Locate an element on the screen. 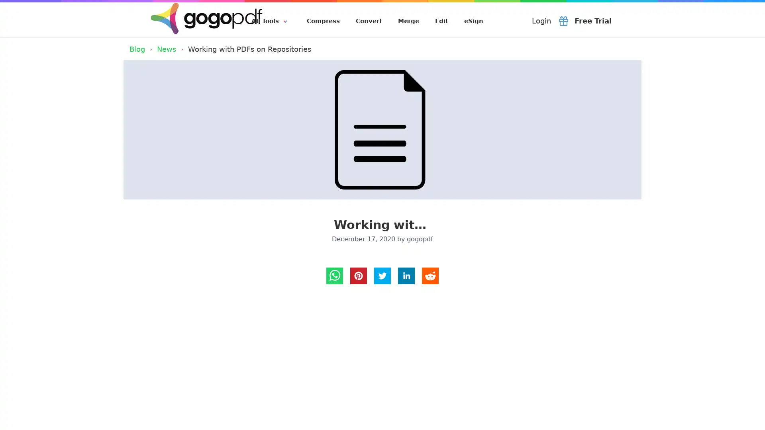 Image resolution: width=765 pixels, height=430 pixels. Edit is located at coordinates (441, 20).